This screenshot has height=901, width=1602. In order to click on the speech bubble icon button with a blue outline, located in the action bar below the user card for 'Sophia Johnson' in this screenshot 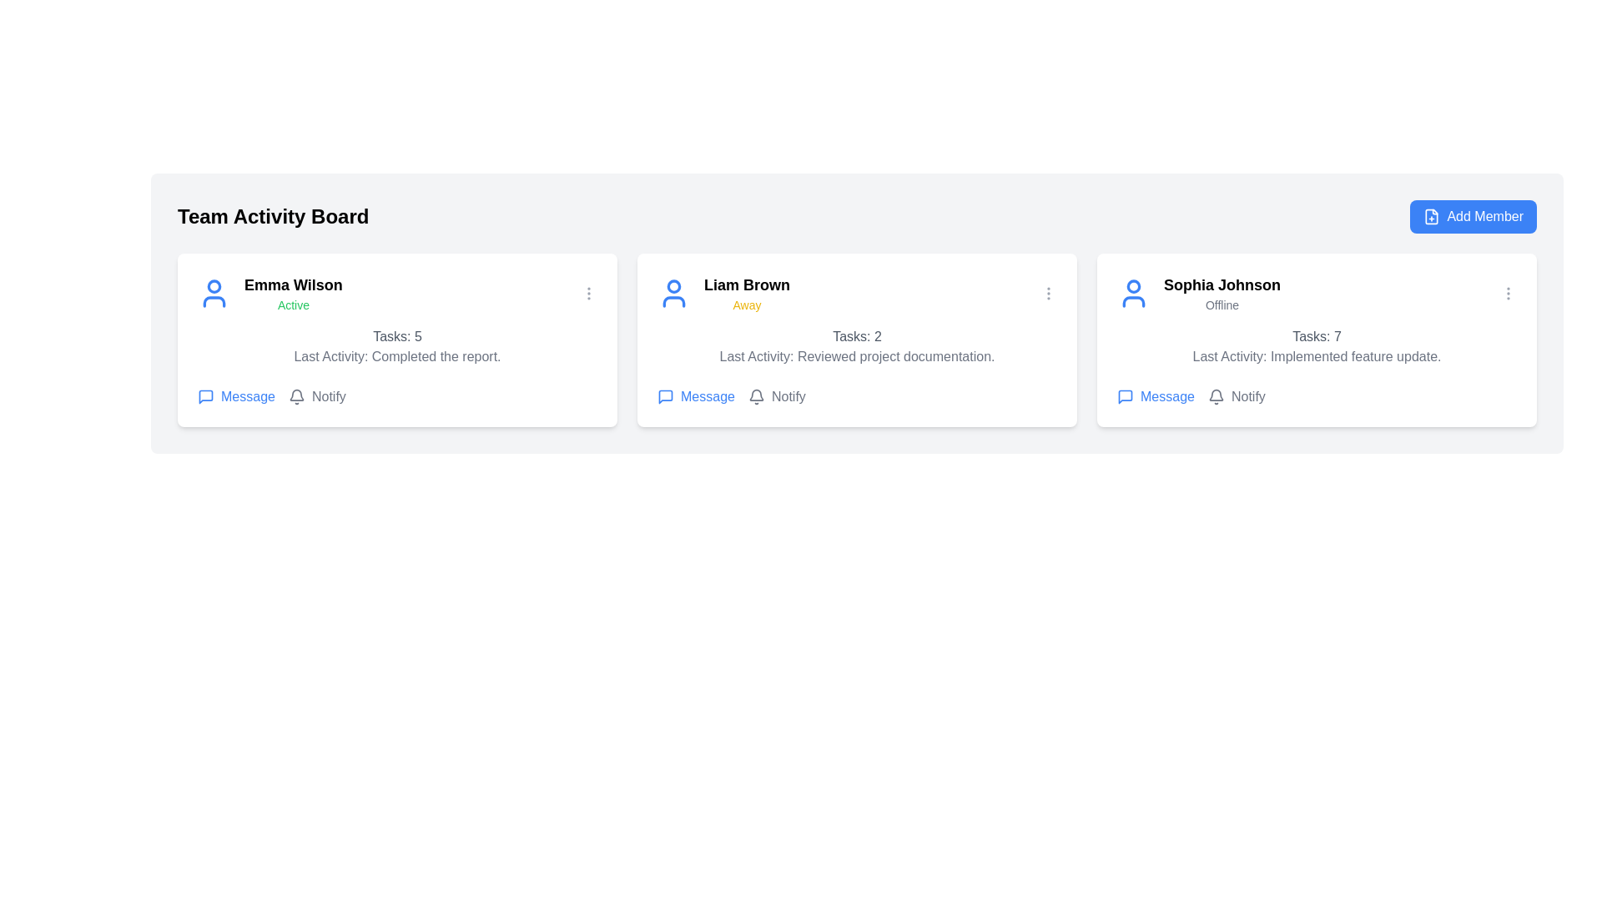, I will do `click(1125, 396)`.